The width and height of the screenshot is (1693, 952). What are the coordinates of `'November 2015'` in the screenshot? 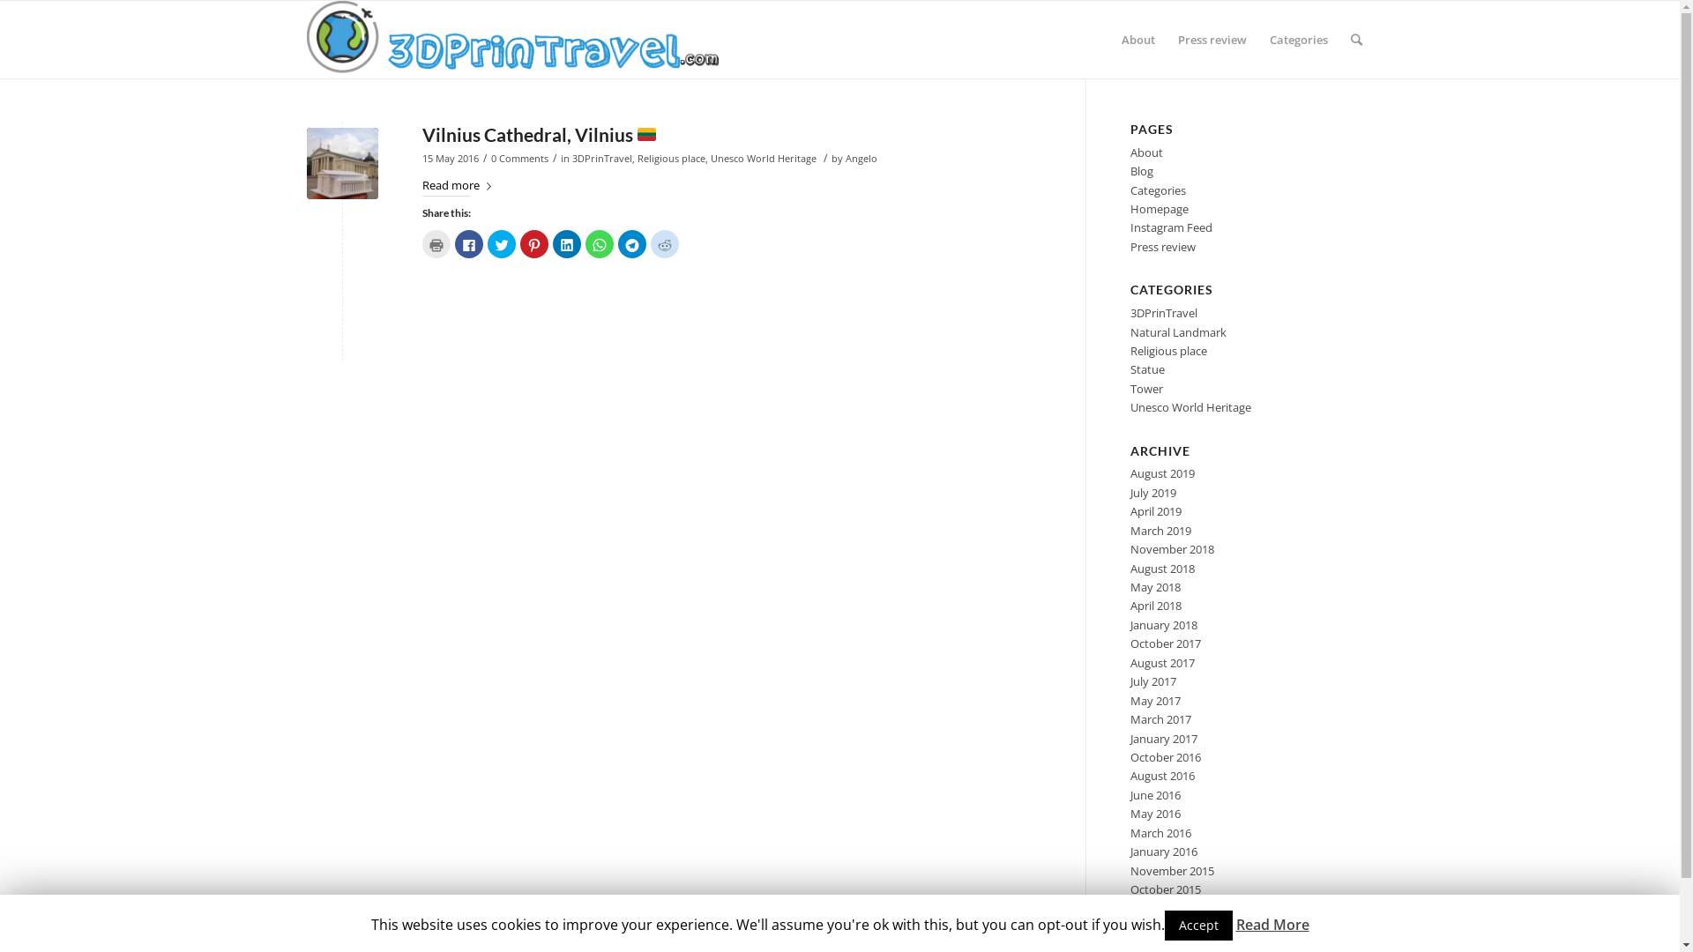 It's located at (1172, 869).